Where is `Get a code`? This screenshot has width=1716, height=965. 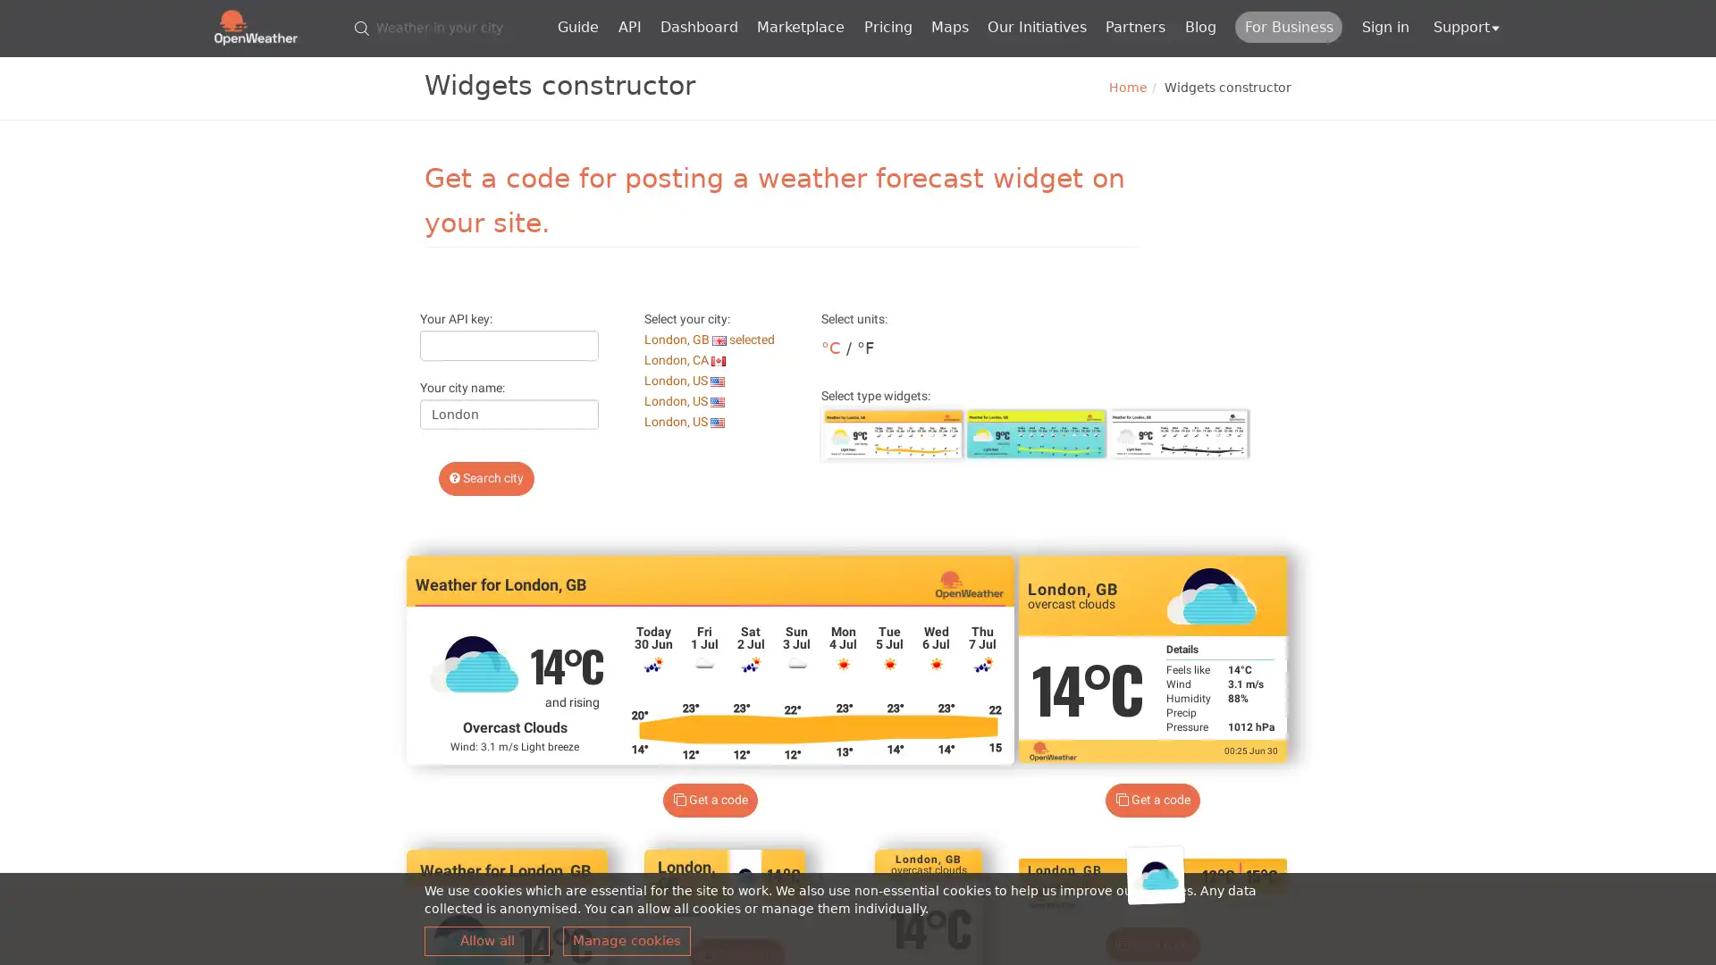 Get a code is located at coordinates (709, 799).